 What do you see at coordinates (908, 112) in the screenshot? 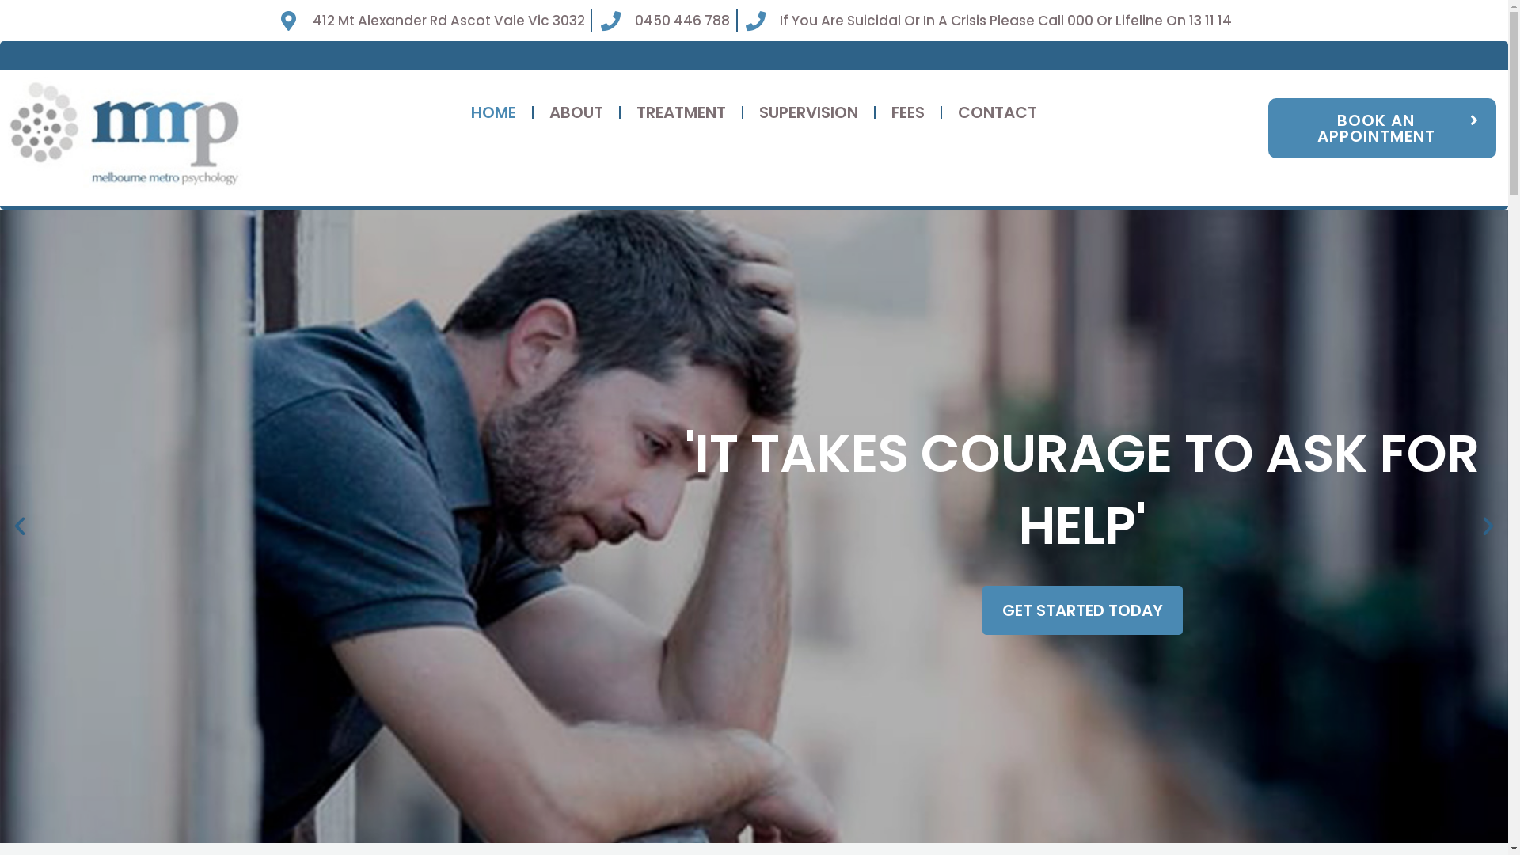
I see `'FEES'` at bounding box center [908, 112].